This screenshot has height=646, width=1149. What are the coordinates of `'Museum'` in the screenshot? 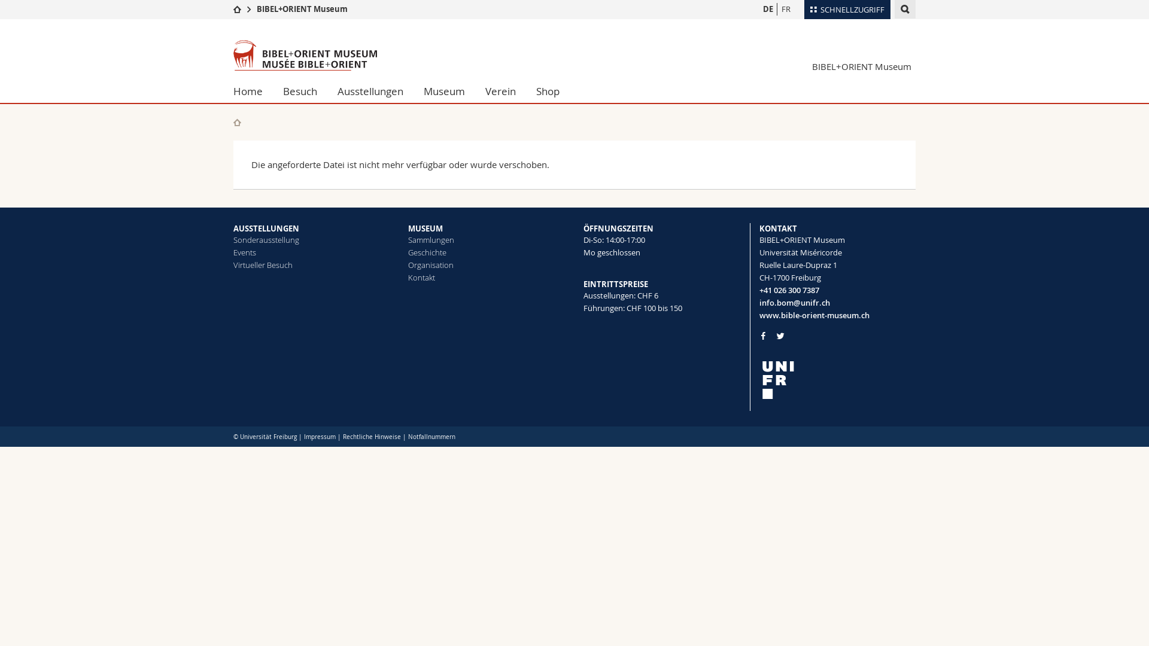 It's located at (443, 91).